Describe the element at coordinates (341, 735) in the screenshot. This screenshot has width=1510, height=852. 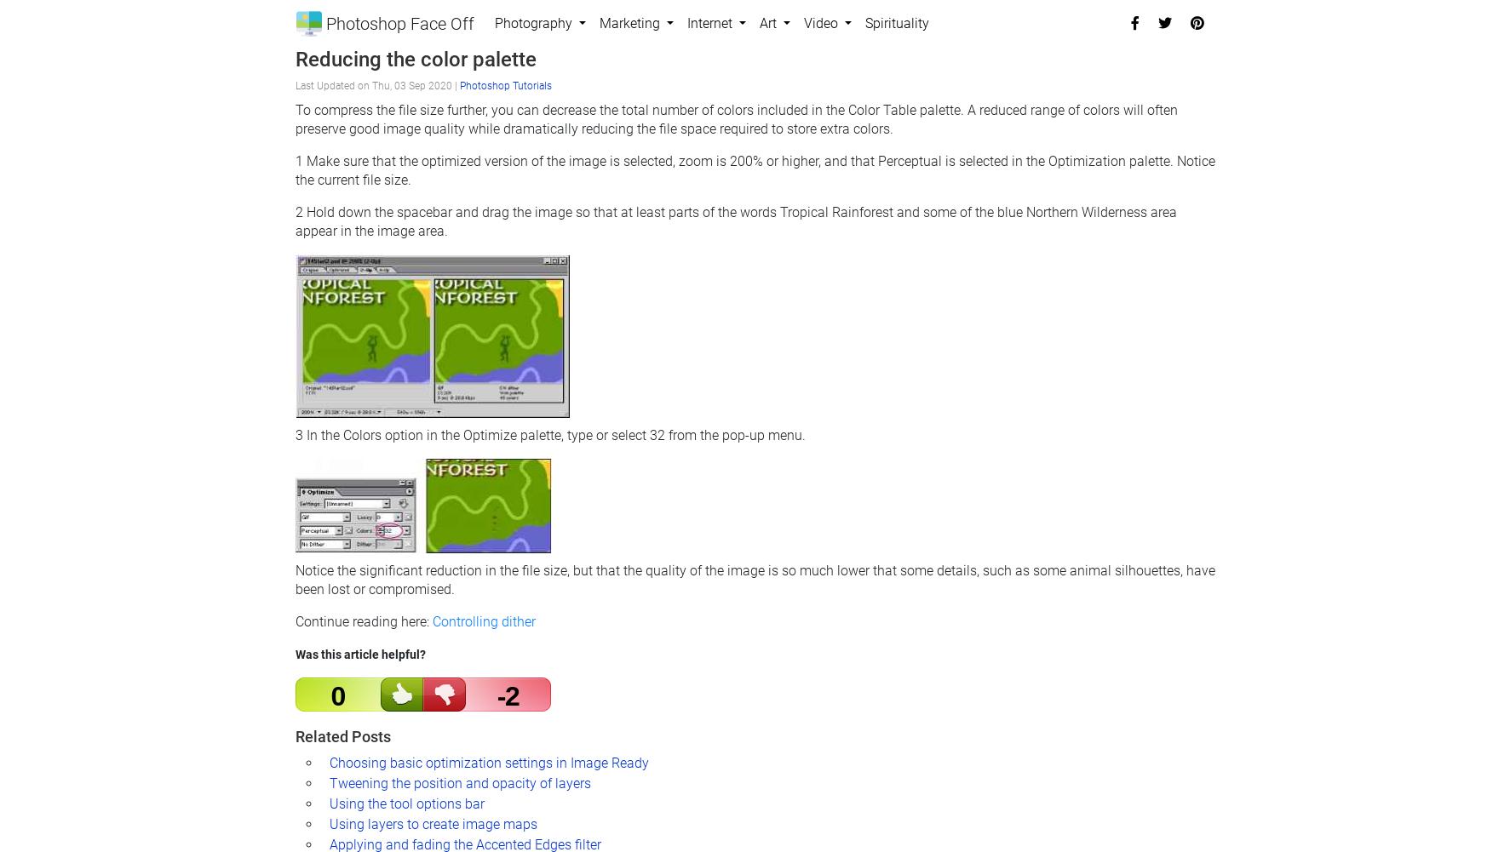
I see `'Related Posts'` at that location.